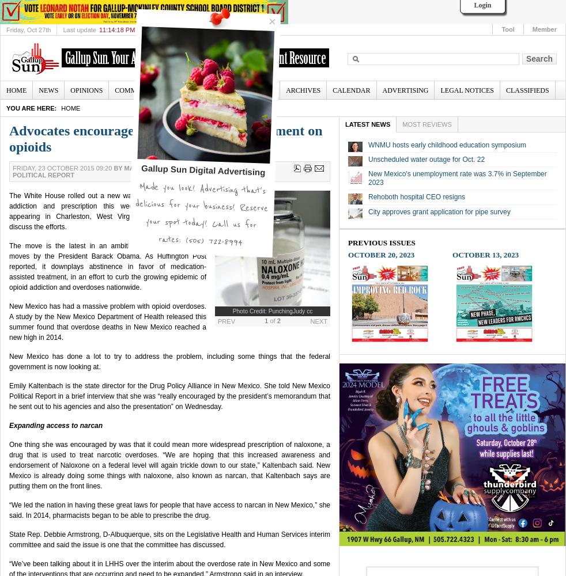 This screenshot has width=566, height=576. What do you see at coordinates (124, 30) in the screenshot?
I see `'11:14:18 PM GMT'` at bounding box center [124, 30].